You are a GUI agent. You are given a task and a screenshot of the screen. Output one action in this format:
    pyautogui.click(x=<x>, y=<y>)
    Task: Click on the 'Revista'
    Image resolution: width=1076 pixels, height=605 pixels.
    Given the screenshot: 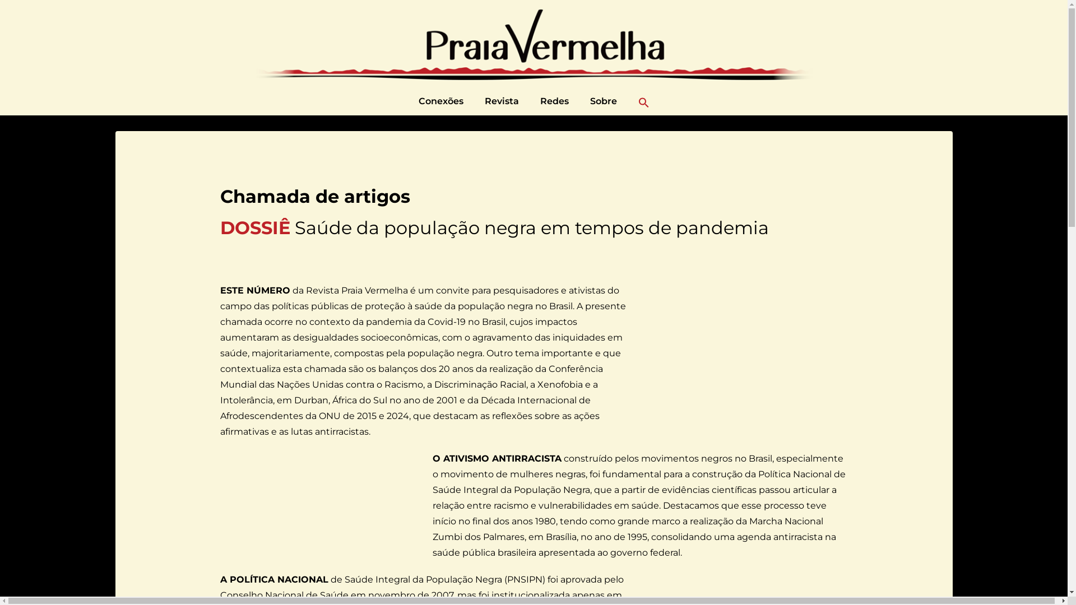 What is the action you would take?
    pyautogui.click(x=474, y=101)
    